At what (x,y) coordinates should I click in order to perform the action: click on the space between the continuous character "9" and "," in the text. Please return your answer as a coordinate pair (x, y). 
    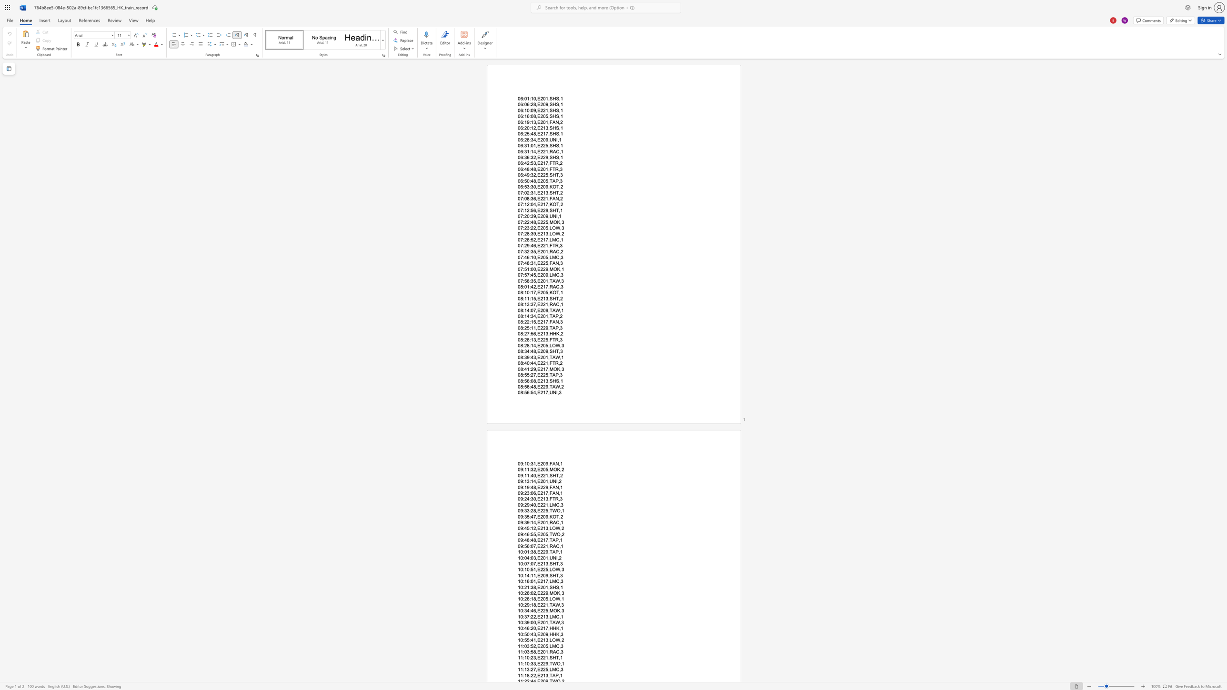
    Looking at the image, I should click on (547, 310).